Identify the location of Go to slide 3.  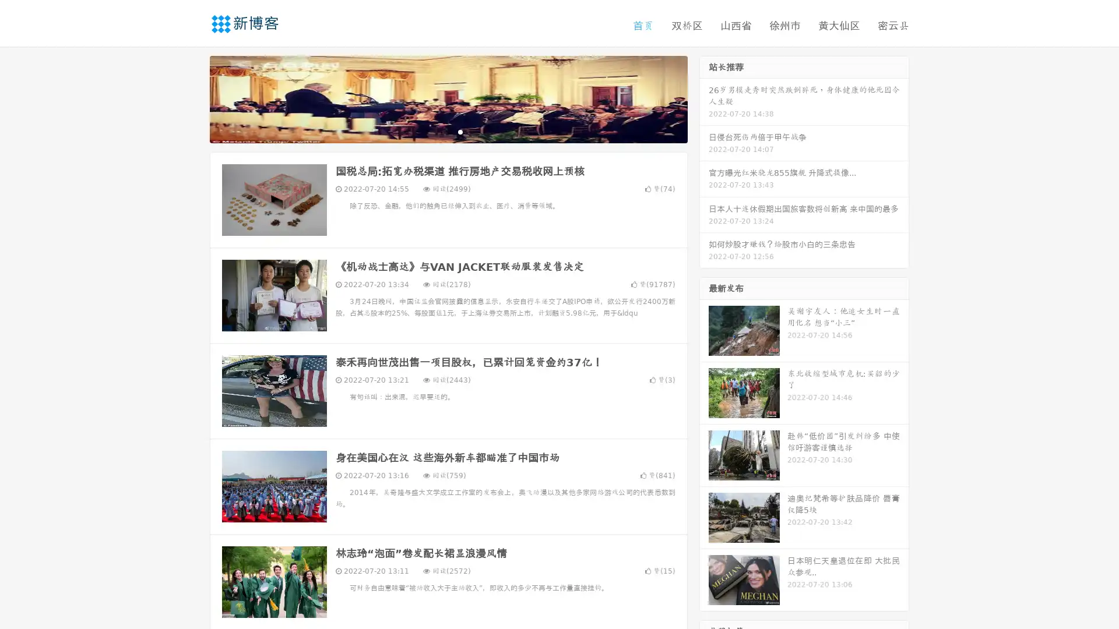
(460, 131).